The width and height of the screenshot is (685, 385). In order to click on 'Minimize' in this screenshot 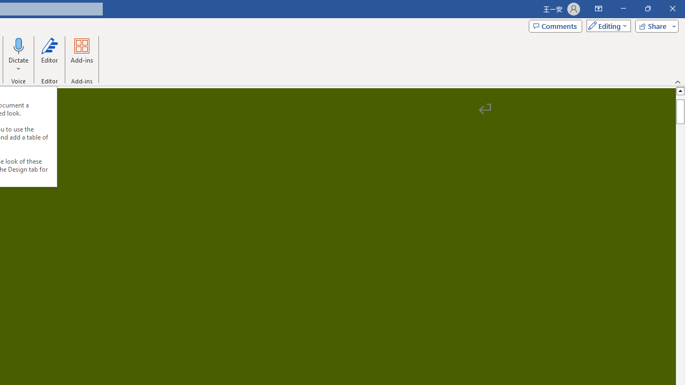, I will do `click(623, 9)`.